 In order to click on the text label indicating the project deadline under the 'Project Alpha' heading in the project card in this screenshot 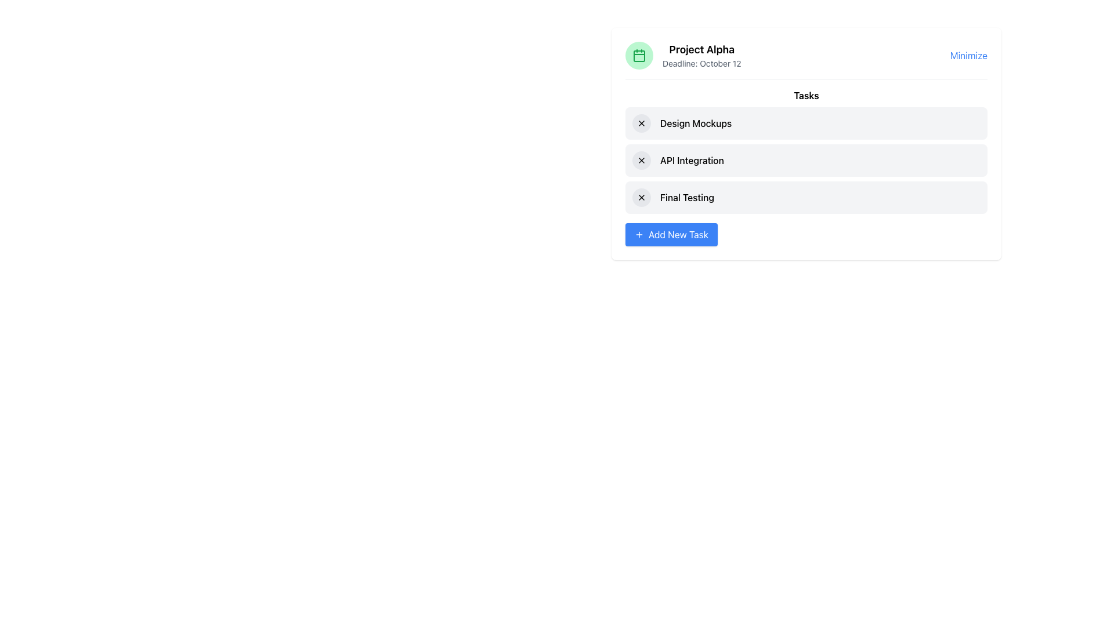, I will do `click(701, 64)`.